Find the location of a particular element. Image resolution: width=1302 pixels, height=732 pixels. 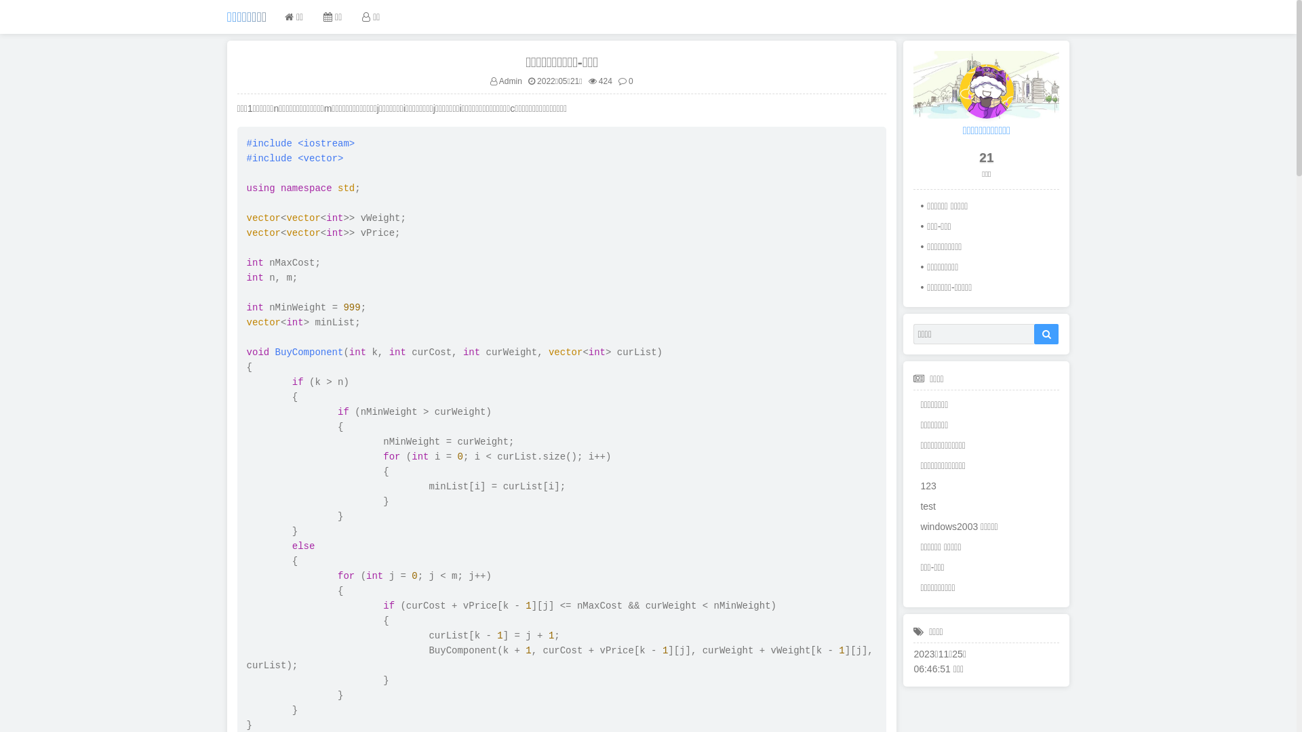

'test' is located at coordinates (988, 505).